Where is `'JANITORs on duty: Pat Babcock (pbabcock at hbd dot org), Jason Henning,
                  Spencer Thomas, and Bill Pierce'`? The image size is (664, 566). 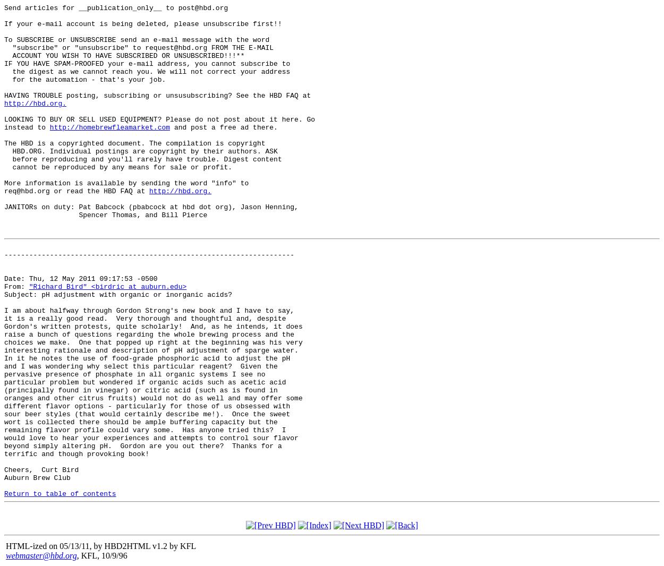 'JANITORs on duty: Pat Babcock (pbabcock at hbd dot org), Jason Henning,
                  Spencer Thomas, and Bill Pierce' is located at coordinates (151, 210).